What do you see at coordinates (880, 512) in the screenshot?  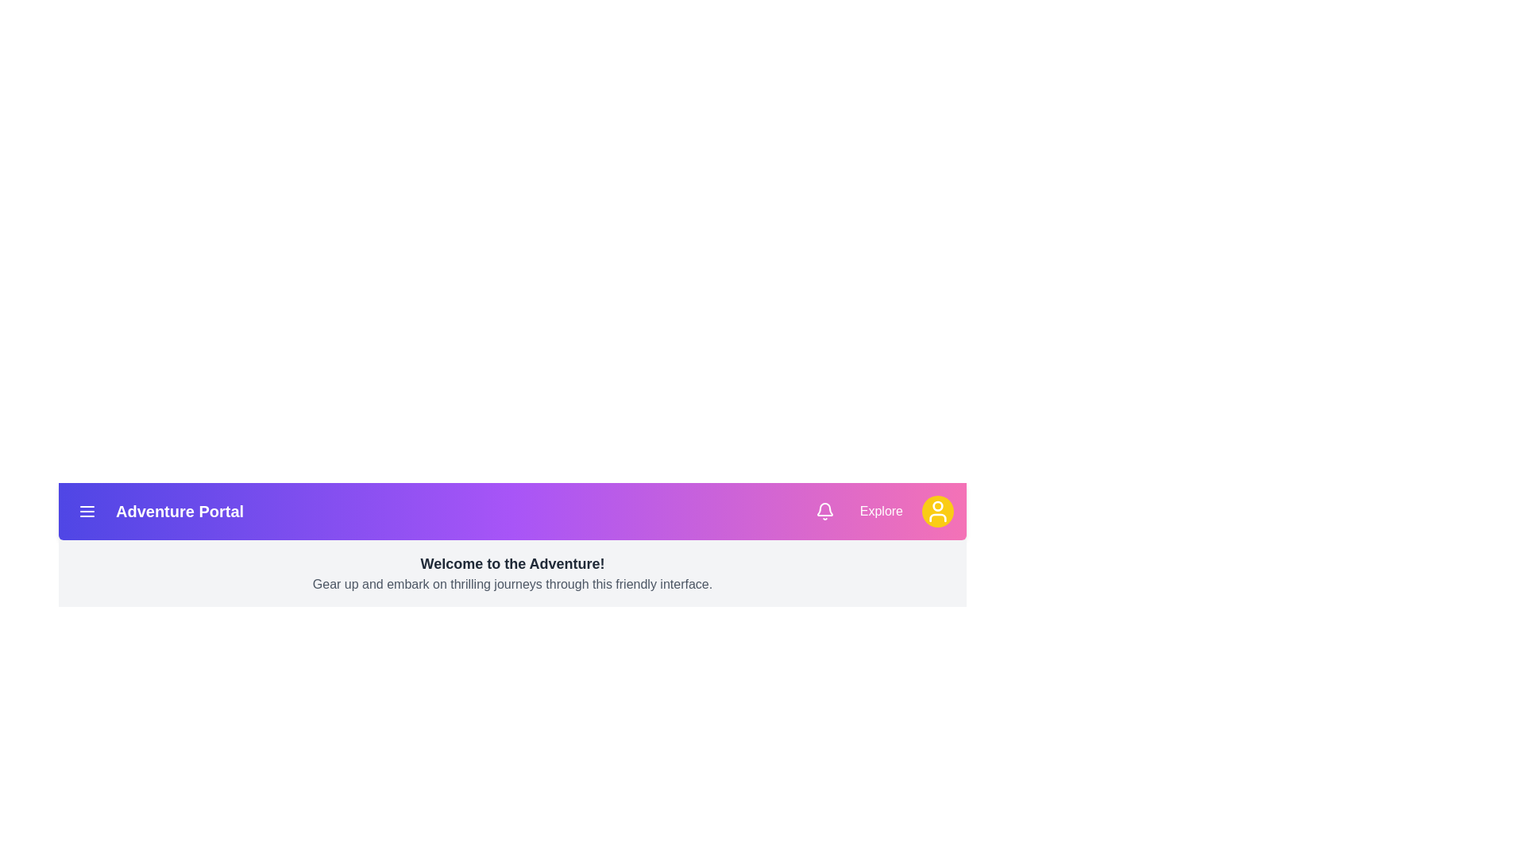 I see `the 'Explore' button to navigate to the section` at bounding box center [880, 512].